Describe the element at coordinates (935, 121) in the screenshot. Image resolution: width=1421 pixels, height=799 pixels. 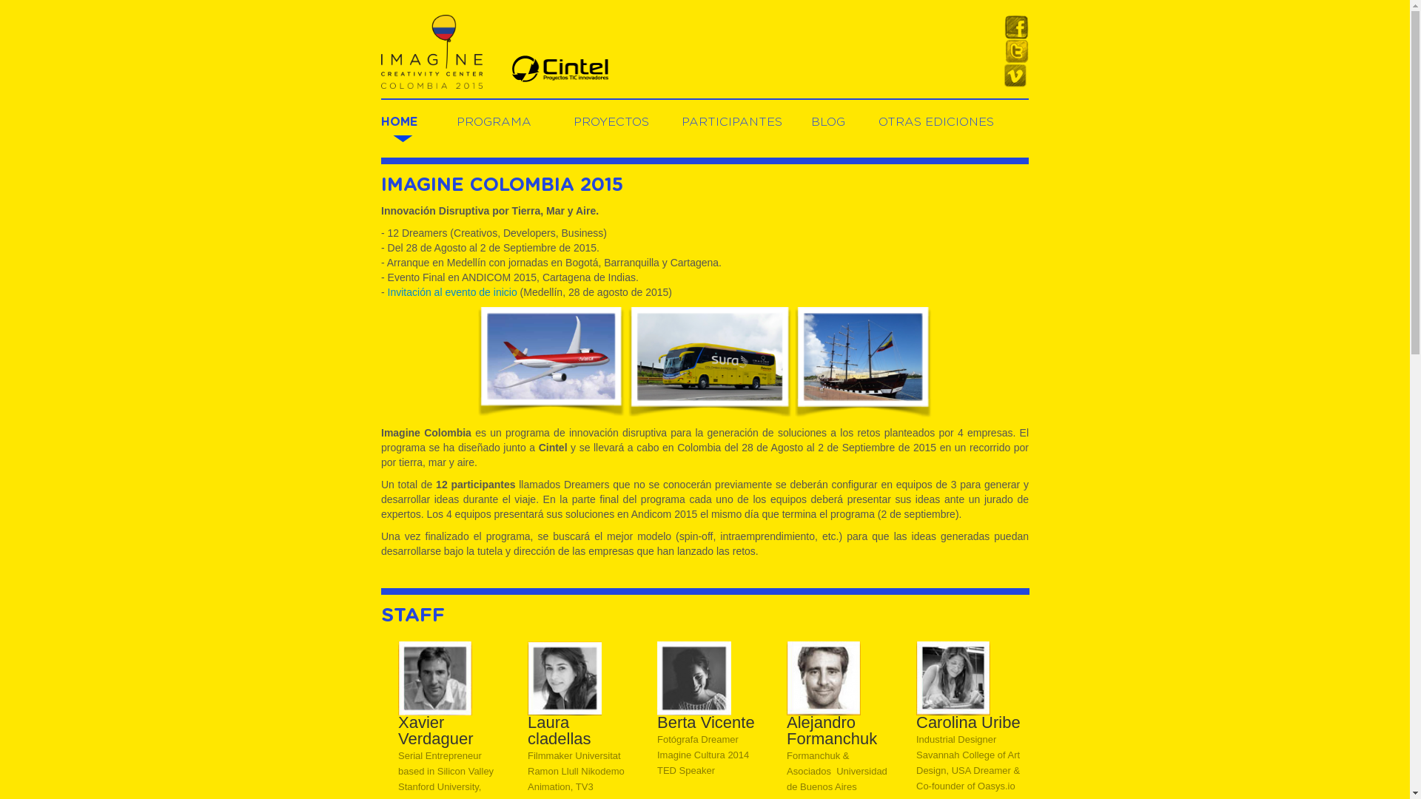
I see `'OTRAS EDICIONES'` at that location.